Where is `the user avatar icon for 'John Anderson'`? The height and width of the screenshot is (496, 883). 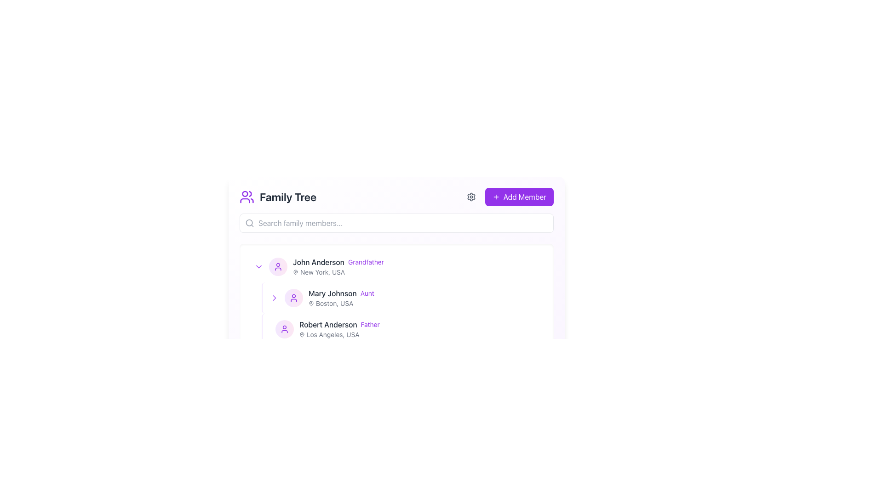 the user avatar icon for 'John Anderson' is located at coordinates (277, 267).